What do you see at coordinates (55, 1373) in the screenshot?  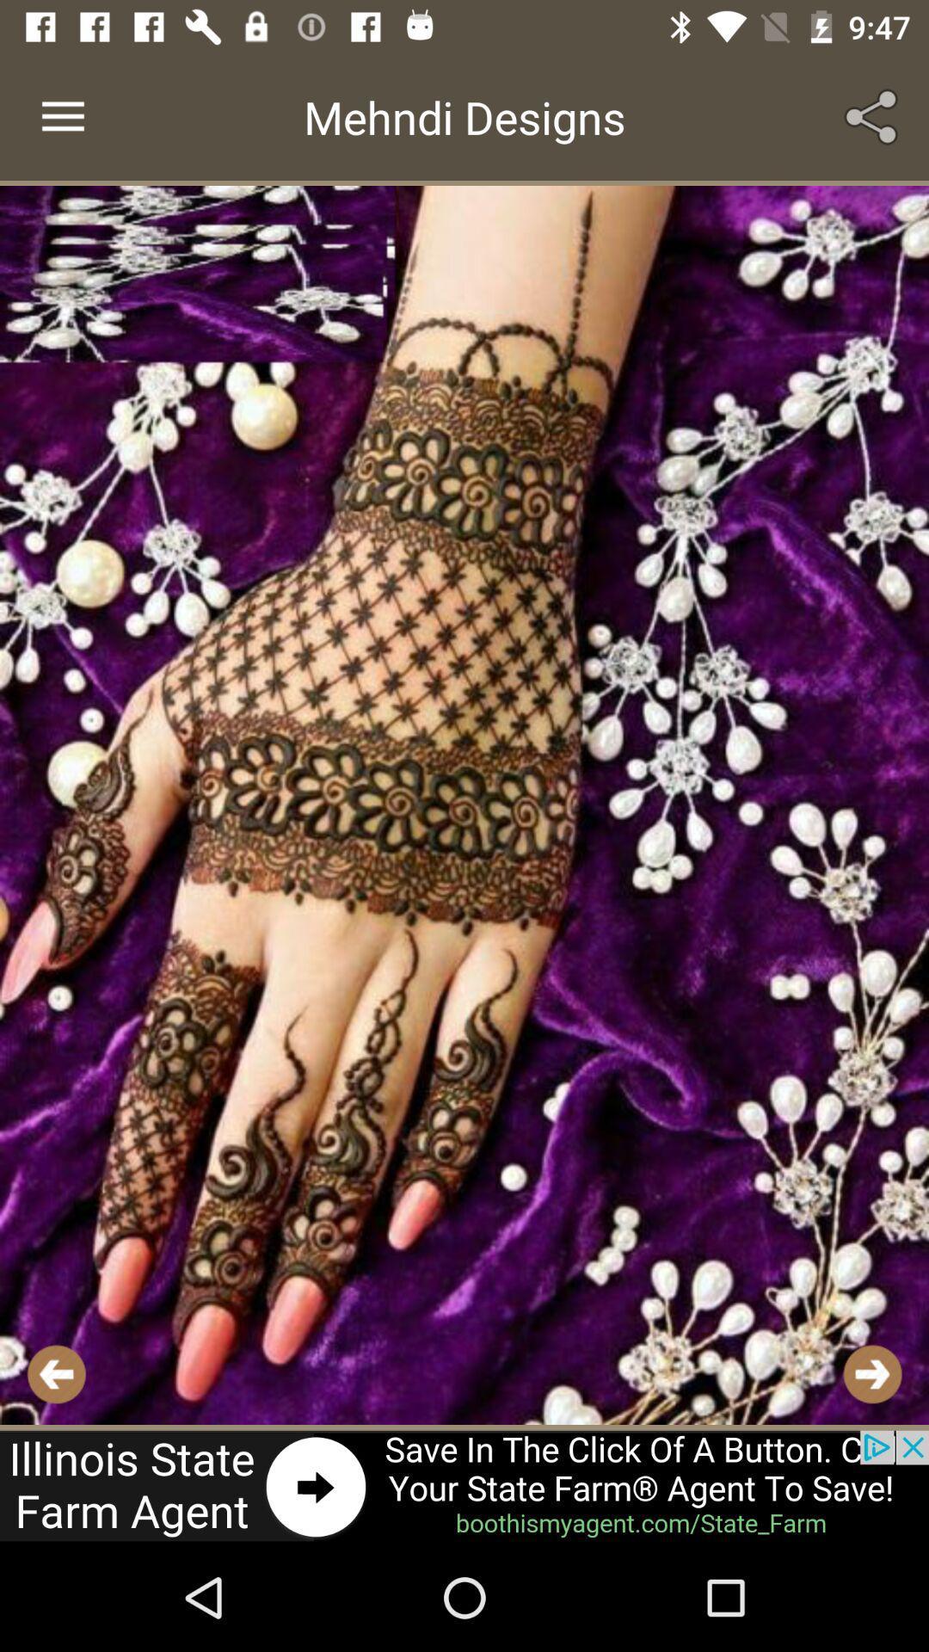 I see `the arrow_backward icon` at bounding box center [55, 1373].